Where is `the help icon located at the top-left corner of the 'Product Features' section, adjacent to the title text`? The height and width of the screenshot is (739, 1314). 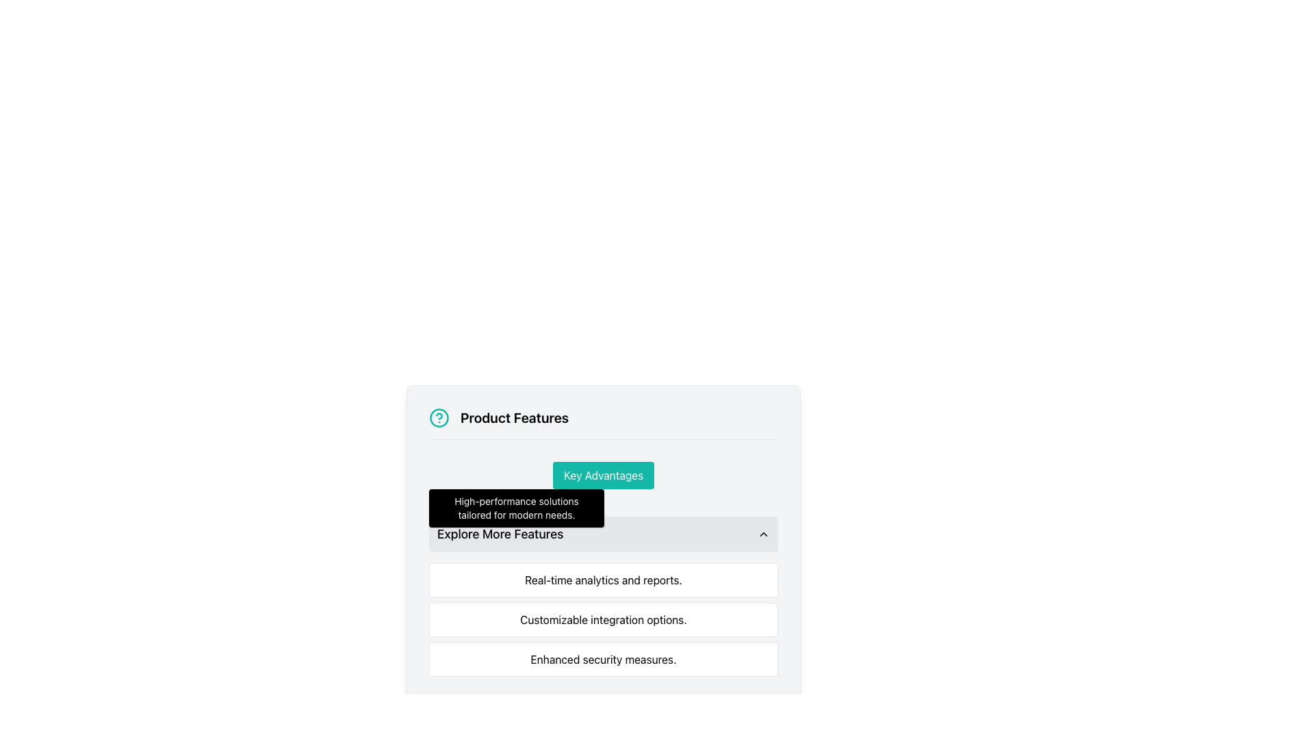
the help icon located at the top-left corner of the 'Product Features' section, adjacent to the title text is located at coordinates (439, 417).